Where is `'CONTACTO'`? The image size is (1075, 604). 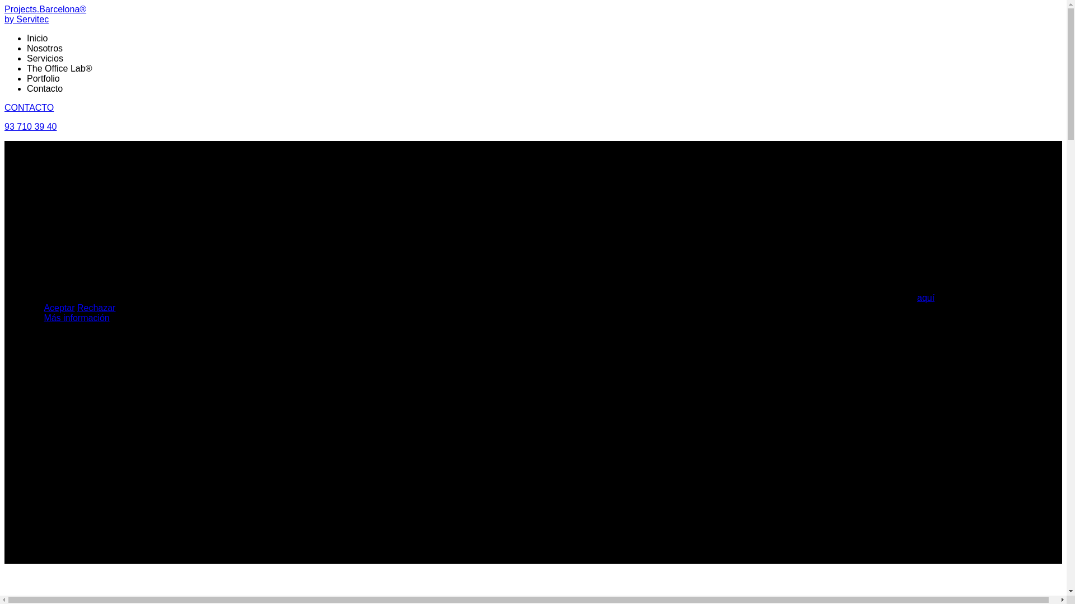 'CONTACTO' is located at coordinates (29, 107).